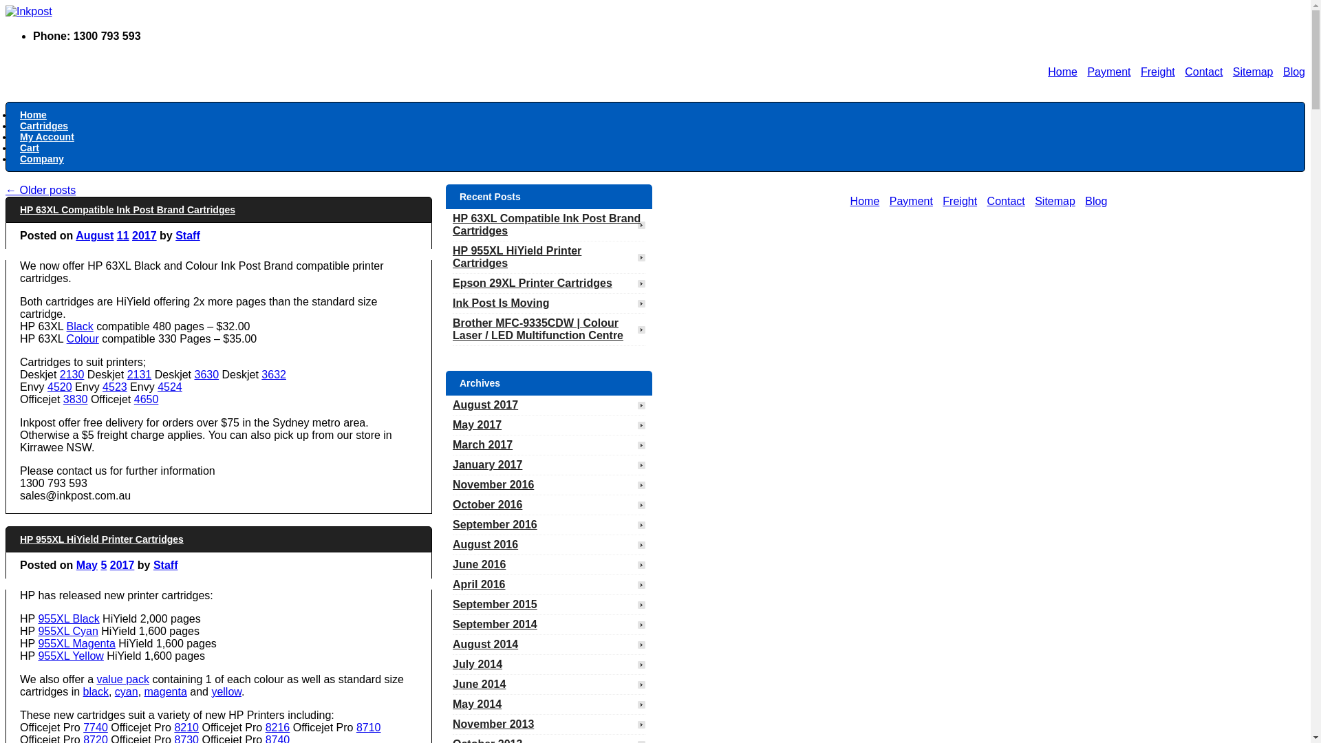  I want to click on 'November 2013', so click(499, 723).